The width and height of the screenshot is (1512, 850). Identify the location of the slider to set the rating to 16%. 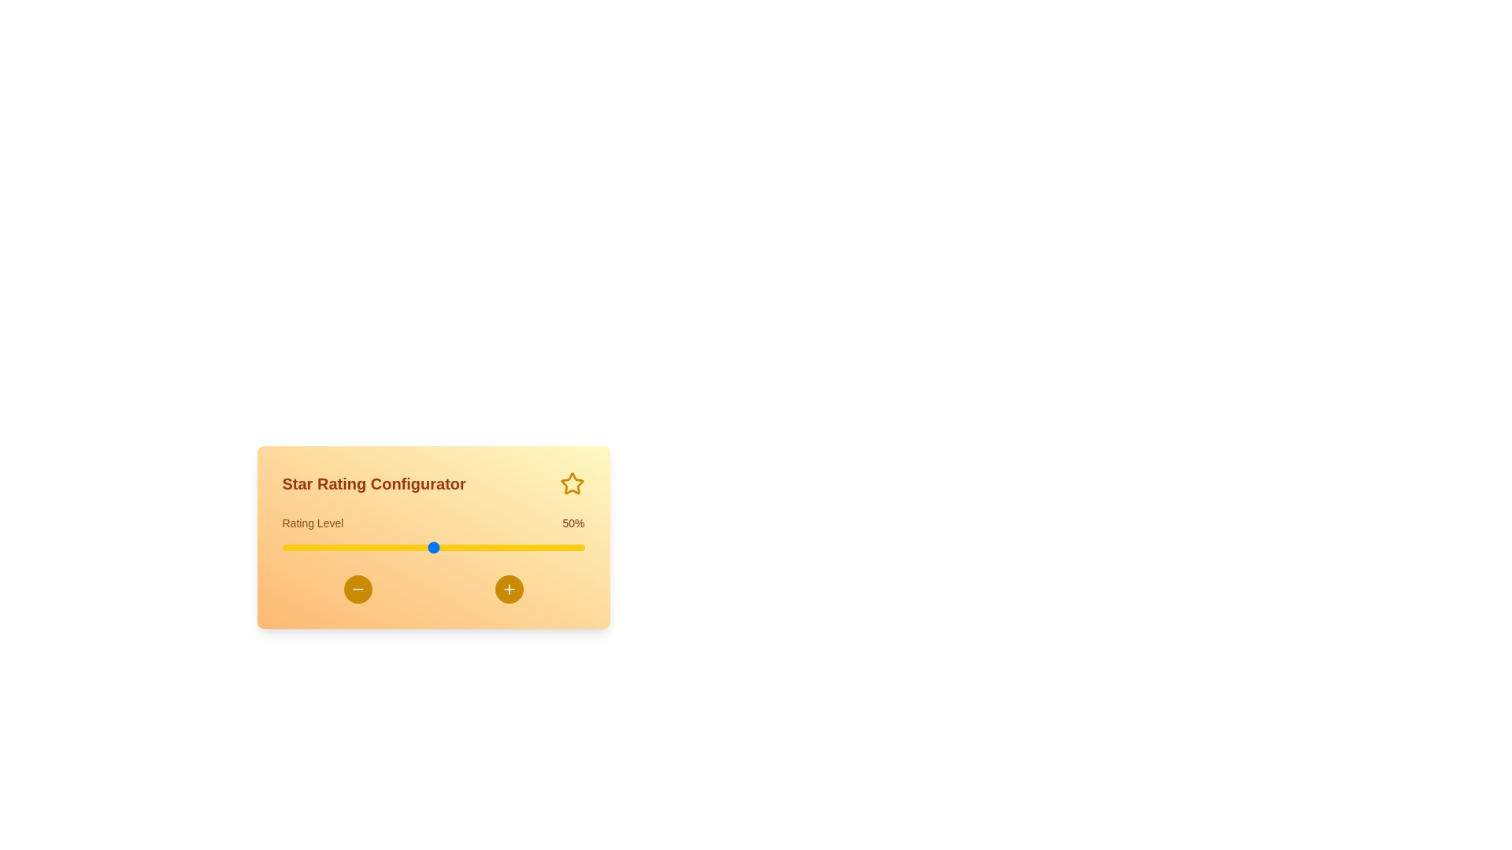
(329, 546).